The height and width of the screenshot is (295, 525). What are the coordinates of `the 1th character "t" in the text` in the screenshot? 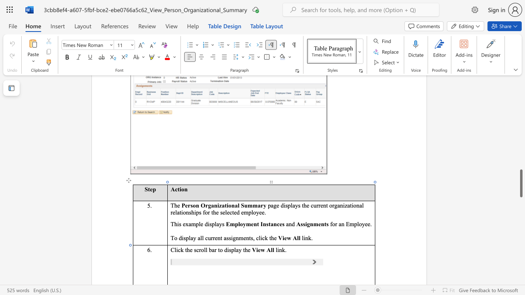 It's located at (226, 205).